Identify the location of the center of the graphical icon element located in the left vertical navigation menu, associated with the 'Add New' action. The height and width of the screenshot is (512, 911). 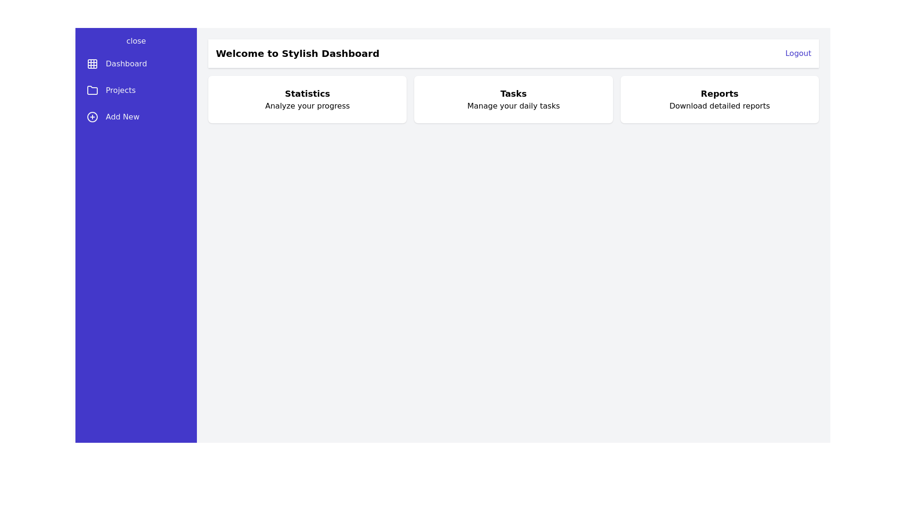
(93, 116).